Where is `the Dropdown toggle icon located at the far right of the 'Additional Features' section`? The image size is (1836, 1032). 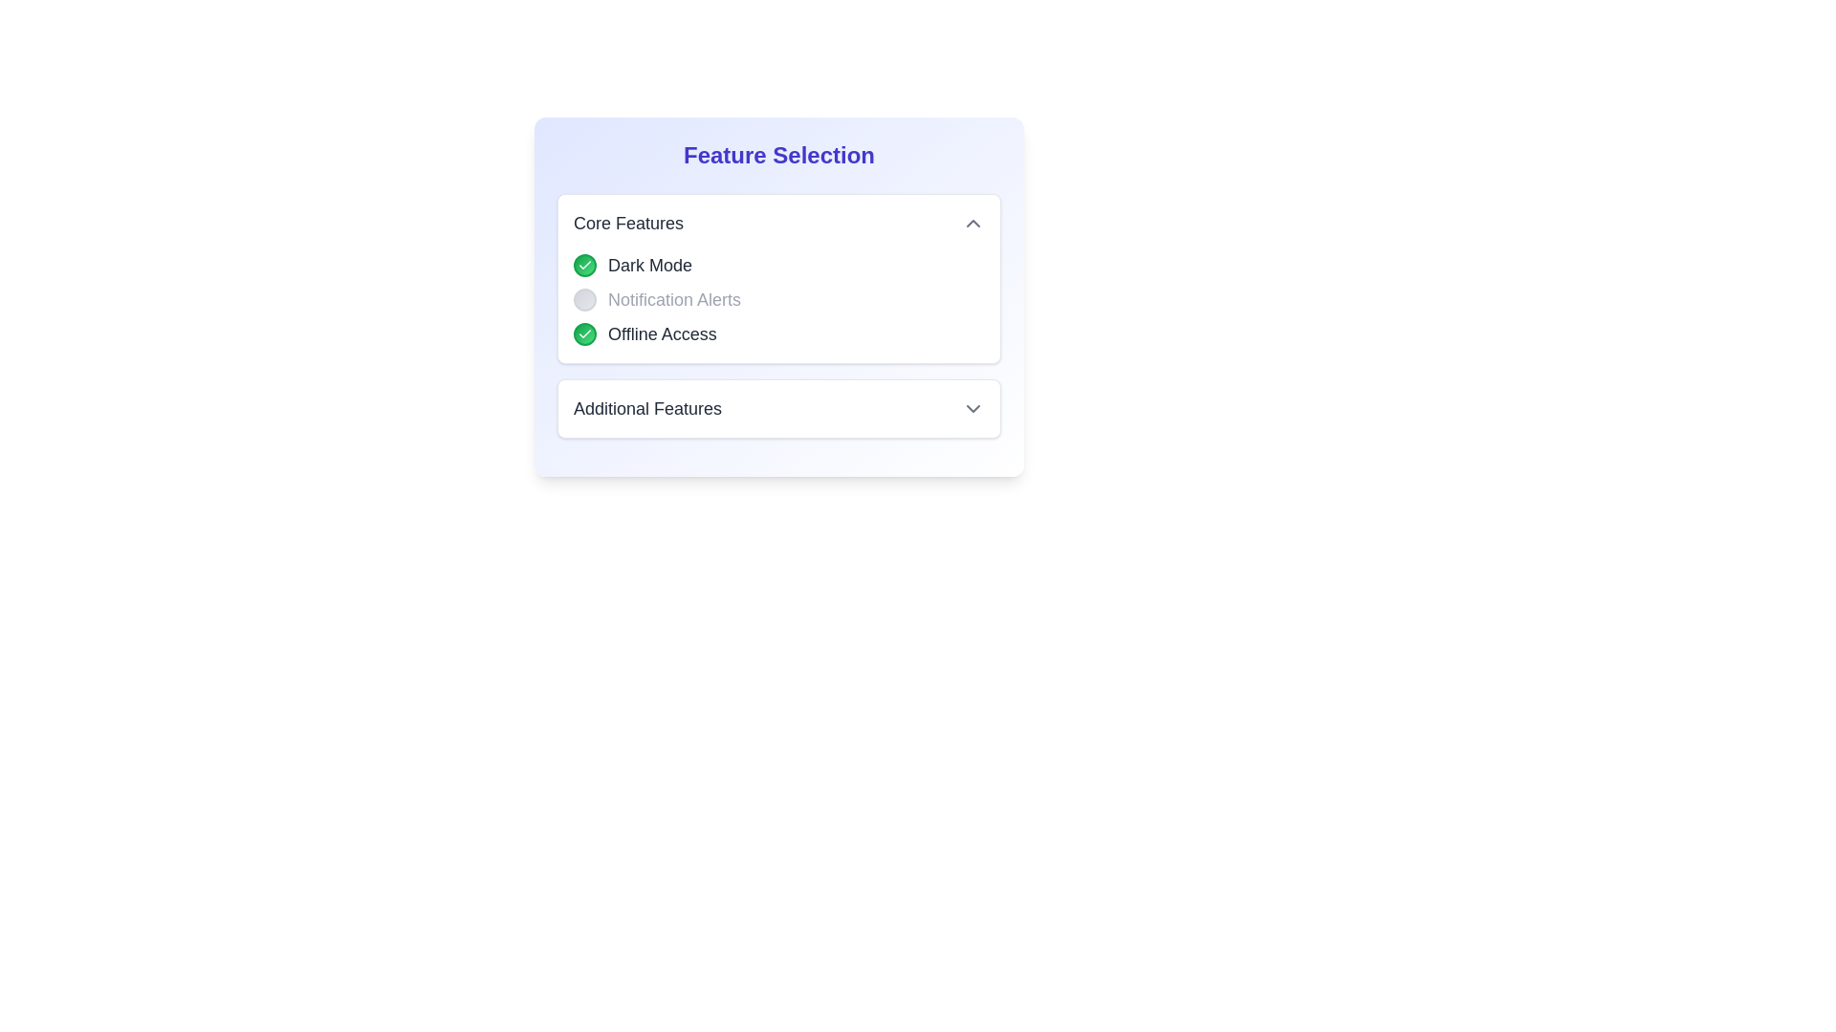 the Dropdown toggle icon located at the far right of the 'Additional Features' section is located at coordinates (973, 408).